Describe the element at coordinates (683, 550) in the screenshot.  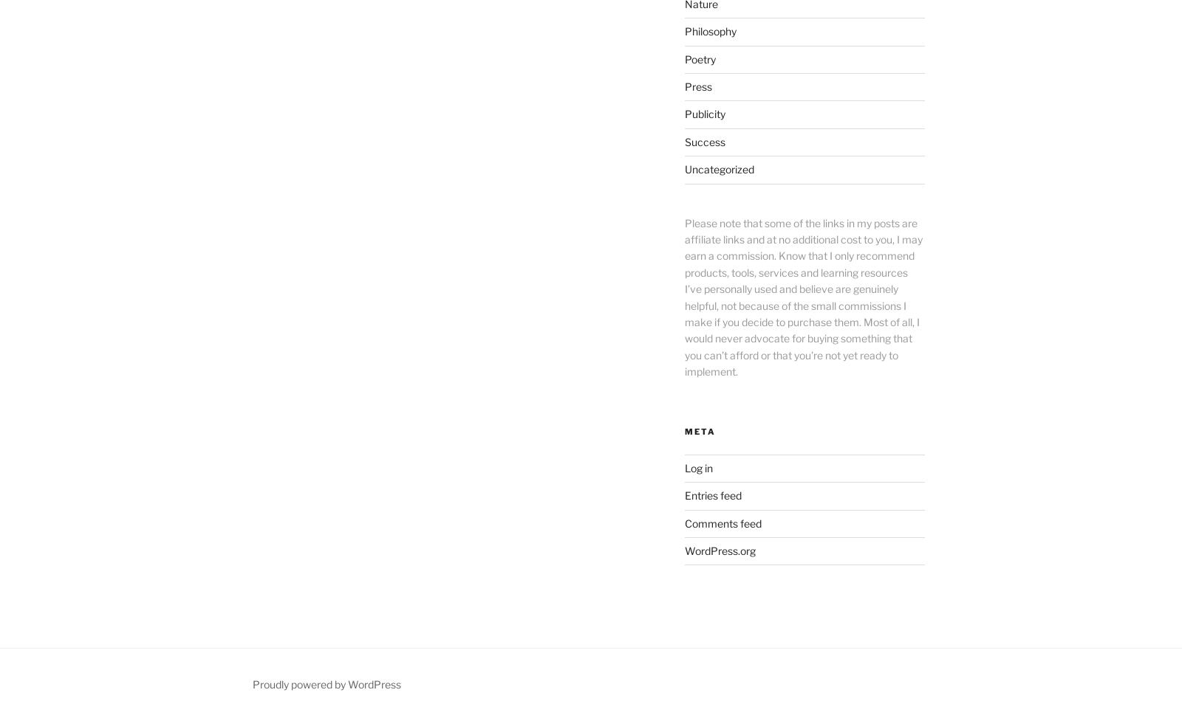
I see `'WordPress.org'` at that location.